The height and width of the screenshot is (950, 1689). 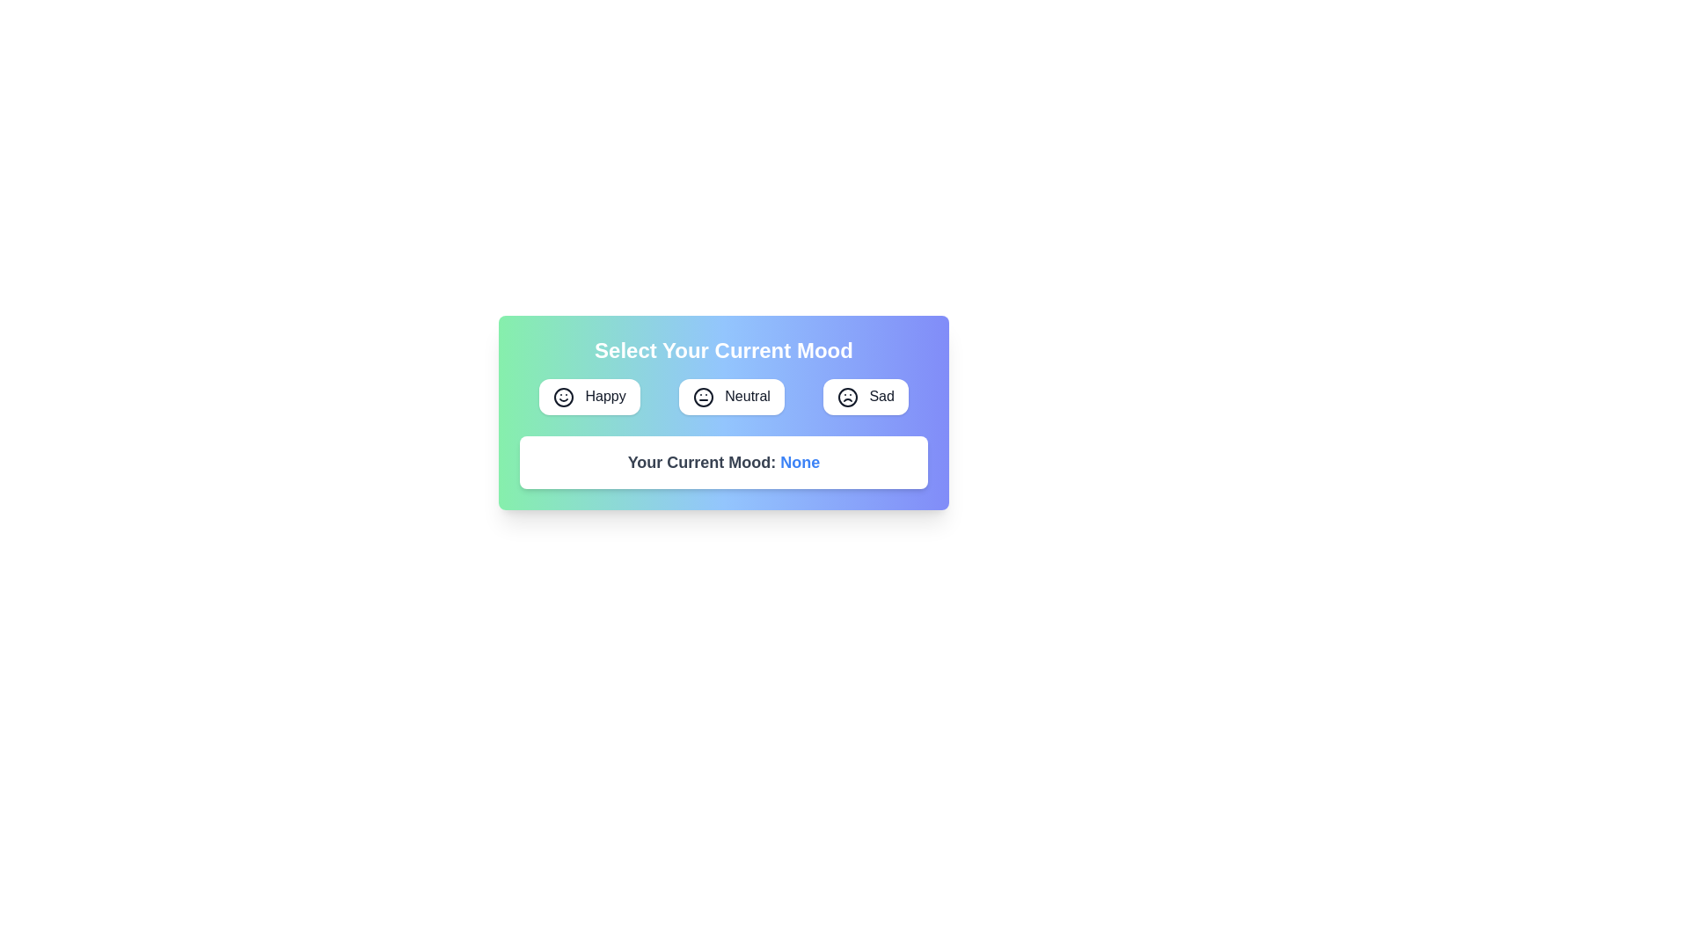 I want to click on the static text label displaying the user's current mood, which is part of the text block 'Your Current Mood: None', so click(x=799, y=461).